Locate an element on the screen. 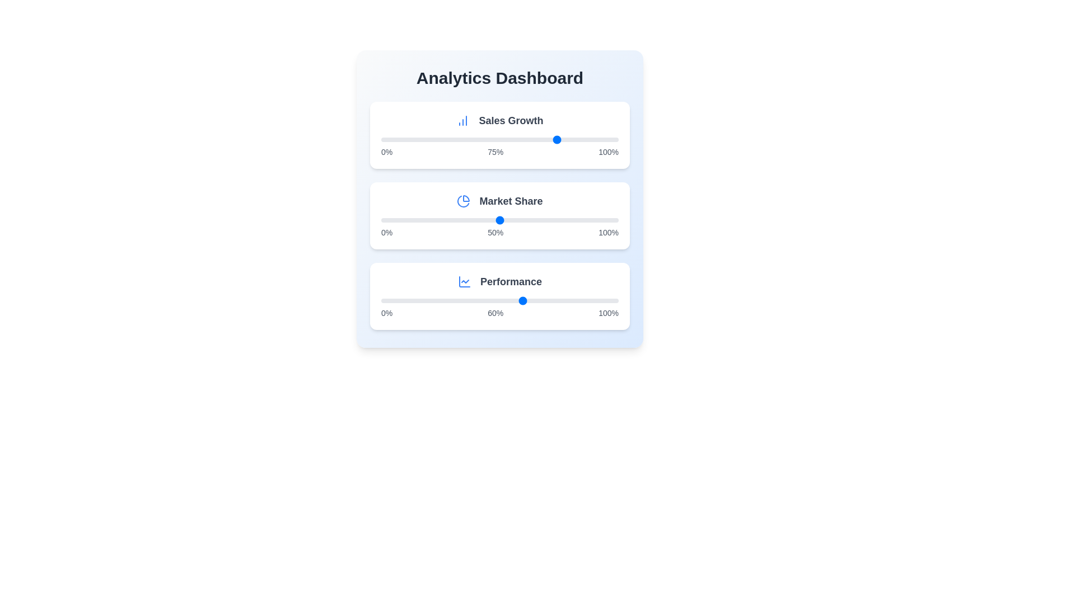 This screenshot has height=604, width=1075. the 'Sales Growth' slider to 24% is located at coordinates (437, 139).